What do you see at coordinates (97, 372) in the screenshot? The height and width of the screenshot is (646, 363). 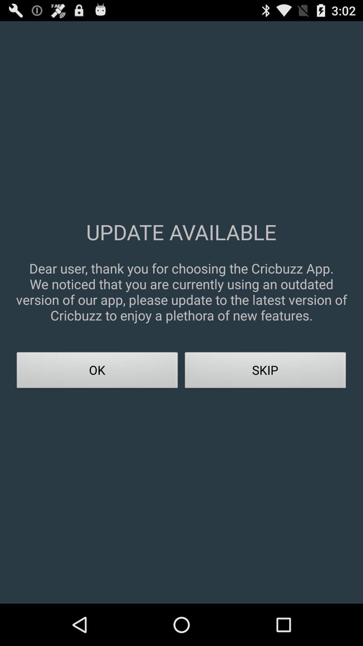 I see `the ok` at bounding box center [97, 372].